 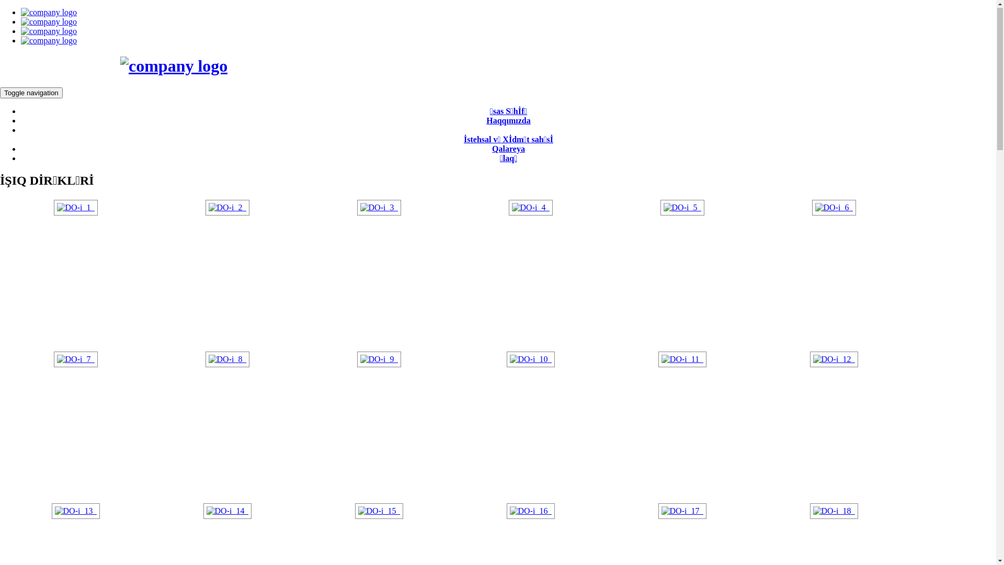 I want to click on 'DO-i_18_', so click(x=834, y=511).